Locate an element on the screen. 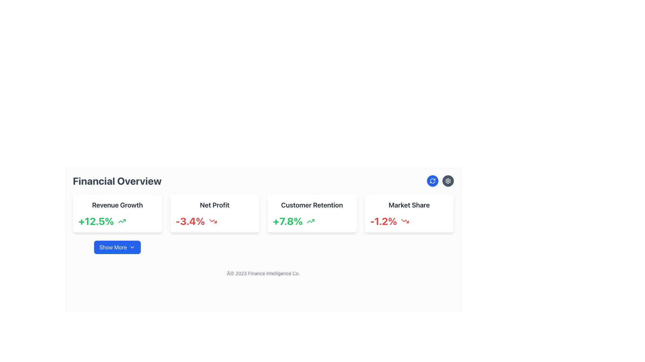 This screenshot has height=362, width=645. the 'Show More' button with a blue background and white text located at the bottom of the financial metrics section is located at coordinates (117, 247).